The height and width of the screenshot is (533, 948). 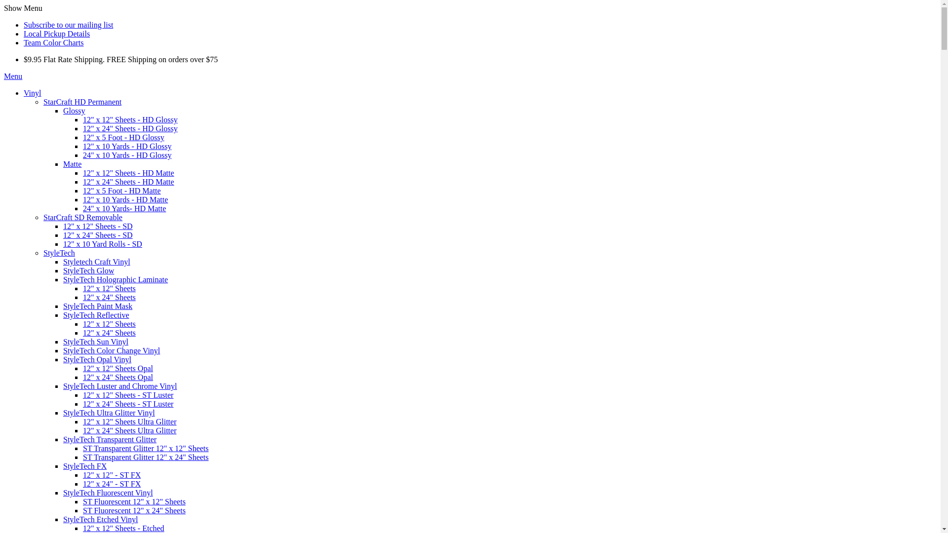 I want to click on '12" x 24" Sheets - SD', so click(x=98, y=235).